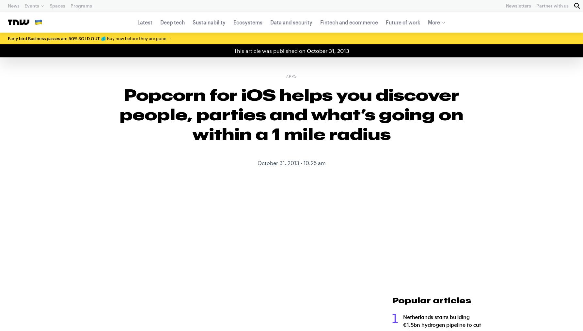 Image resolution: width=583 pixels, height=331 pixels. I want to click on 'October 31, 2013', so click(328, 50).